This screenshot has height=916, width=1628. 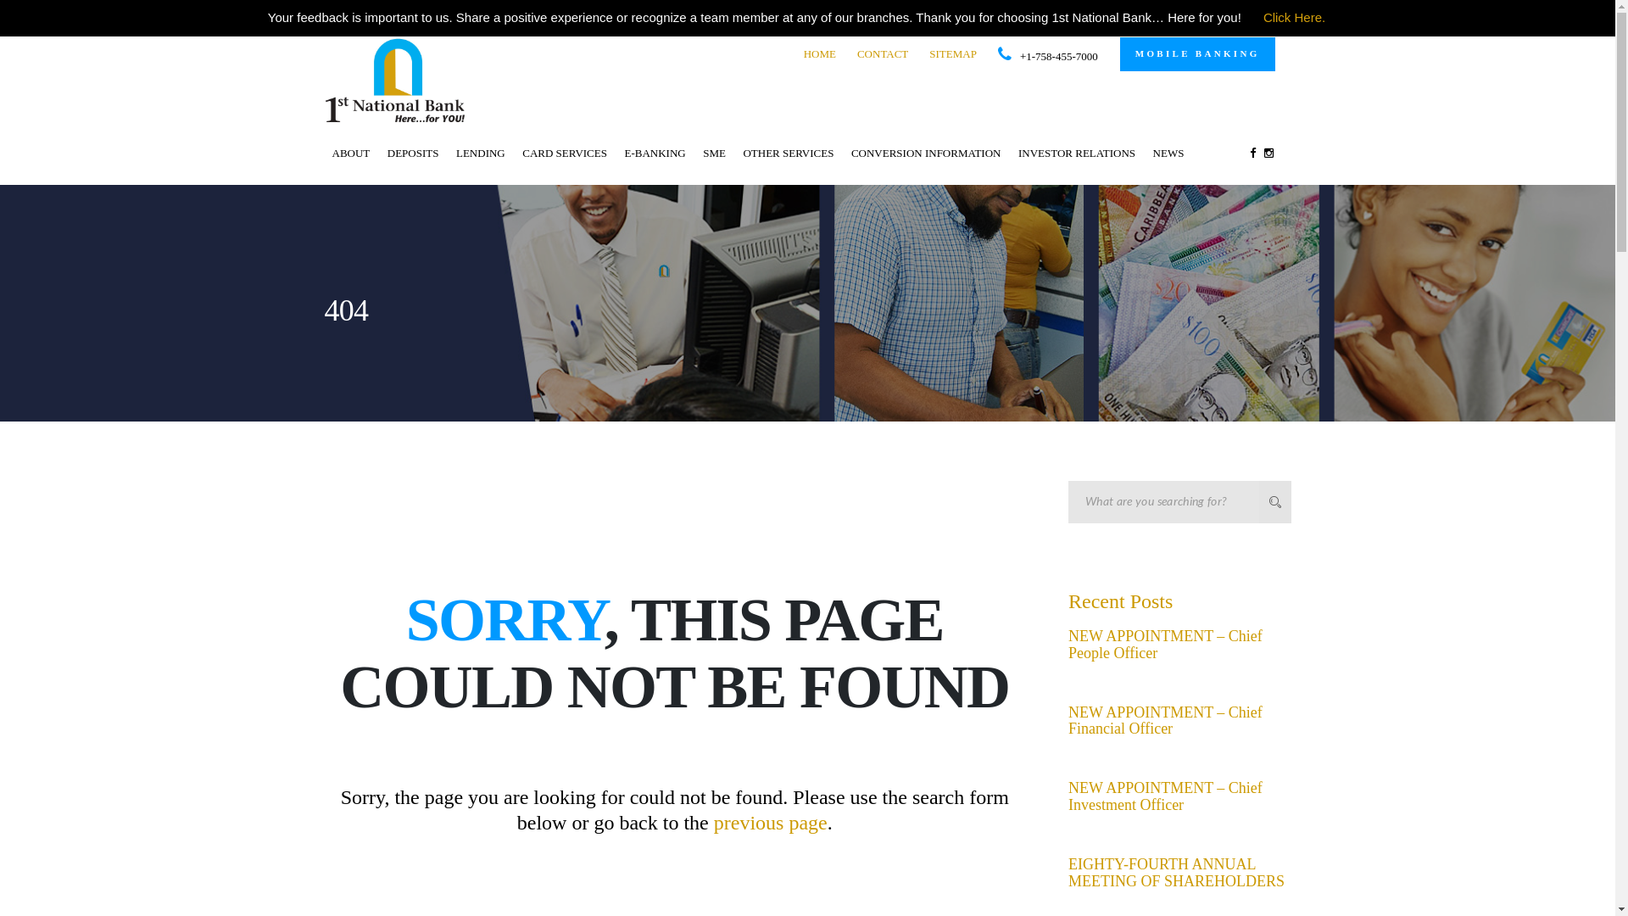 I want to click on 'MOBILE BANKING', so click(x=1196, y=53).